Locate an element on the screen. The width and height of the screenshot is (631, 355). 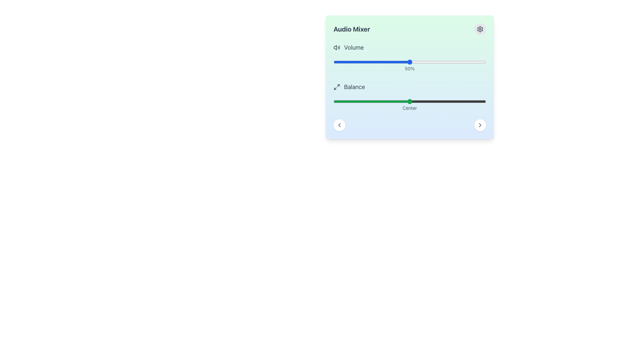
the volume is located at coordinates (460, 62).